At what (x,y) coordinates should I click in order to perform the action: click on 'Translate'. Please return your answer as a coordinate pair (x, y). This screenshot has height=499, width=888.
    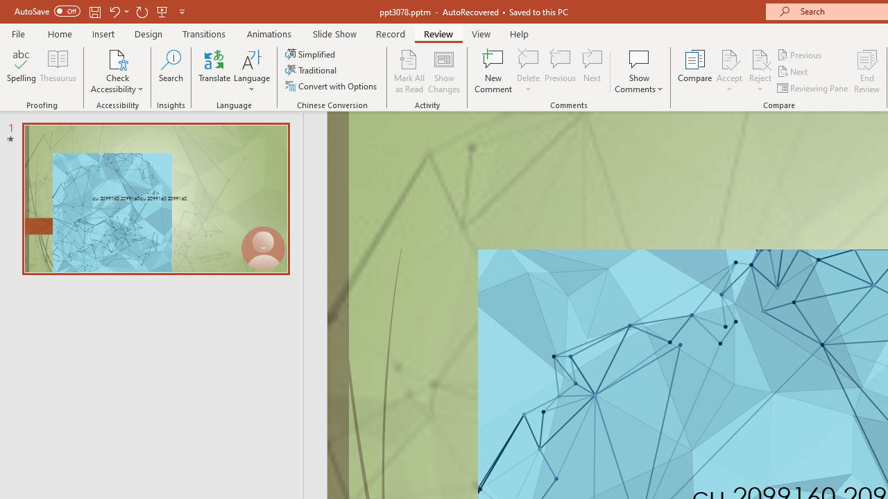
    Looking at the image, I should click on (214, 71).